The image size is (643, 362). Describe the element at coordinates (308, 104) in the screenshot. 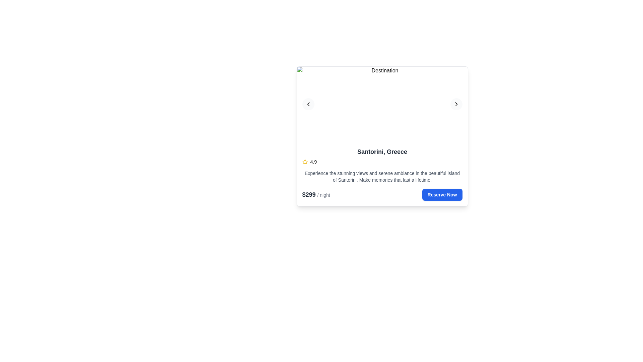

I see `the left-pointing chevron icon, which is a minimalistic vector graphic styled with a black stroke` at that location.